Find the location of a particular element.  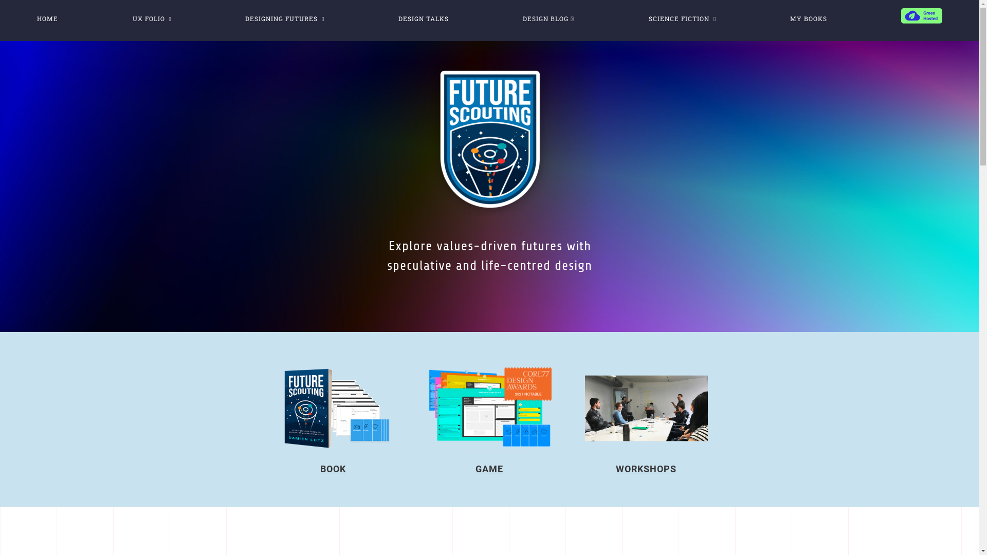

'SCIENCE FICTION' is located at coordinates (682, 17).